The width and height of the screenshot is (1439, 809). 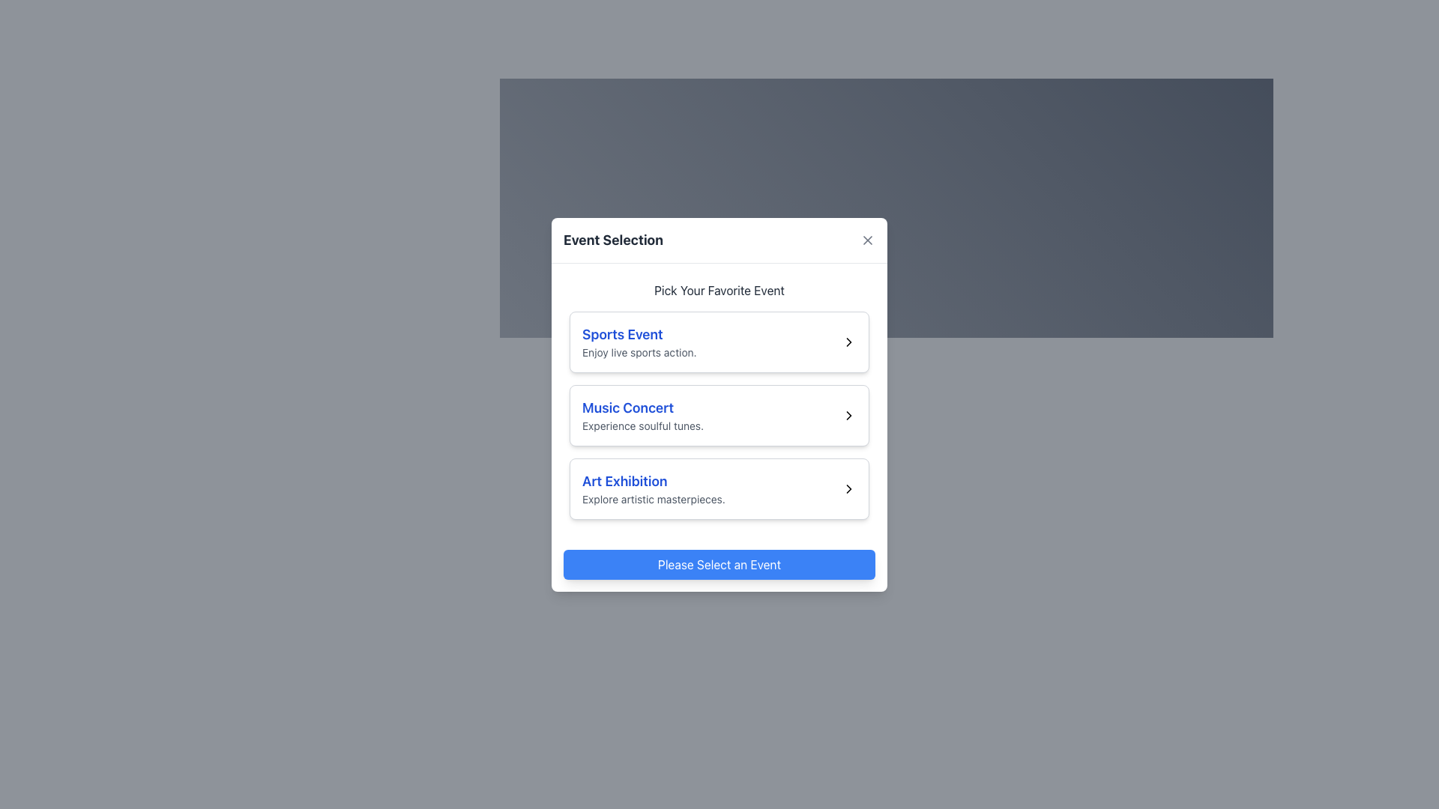 What do you see at coordinates (848, 415) in the screenshot?
I see `the chevron icon located on the far-right of the 'Music Concert' list item in the 'Event Selection' dialog` at bounding box center [848, 415].